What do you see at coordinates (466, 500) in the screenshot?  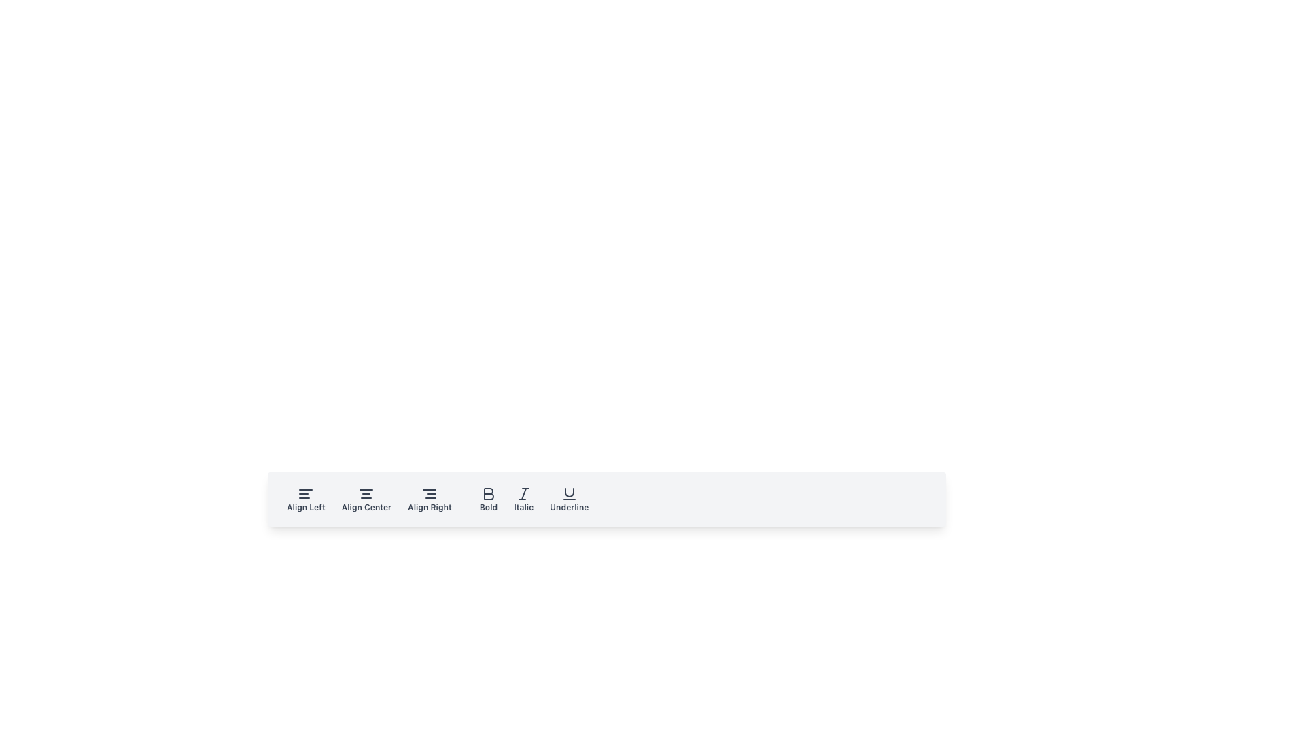 I see `the Divider element located between the 'Align Right' button and the 'Bold' button in the toolbar` at bounding box center [466, 500].